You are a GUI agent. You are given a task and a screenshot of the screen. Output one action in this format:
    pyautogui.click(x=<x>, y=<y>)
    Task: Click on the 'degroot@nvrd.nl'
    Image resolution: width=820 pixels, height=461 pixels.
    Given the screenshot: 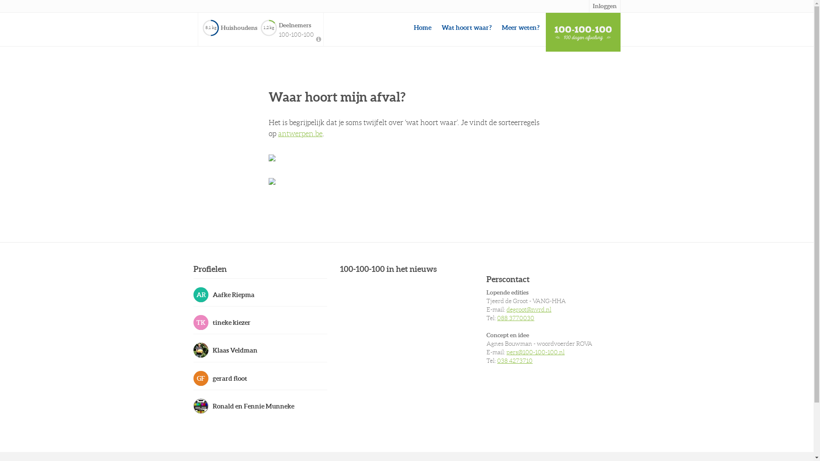 What is the action you would take?
    pyautogui.click(x=506, y=309)
    